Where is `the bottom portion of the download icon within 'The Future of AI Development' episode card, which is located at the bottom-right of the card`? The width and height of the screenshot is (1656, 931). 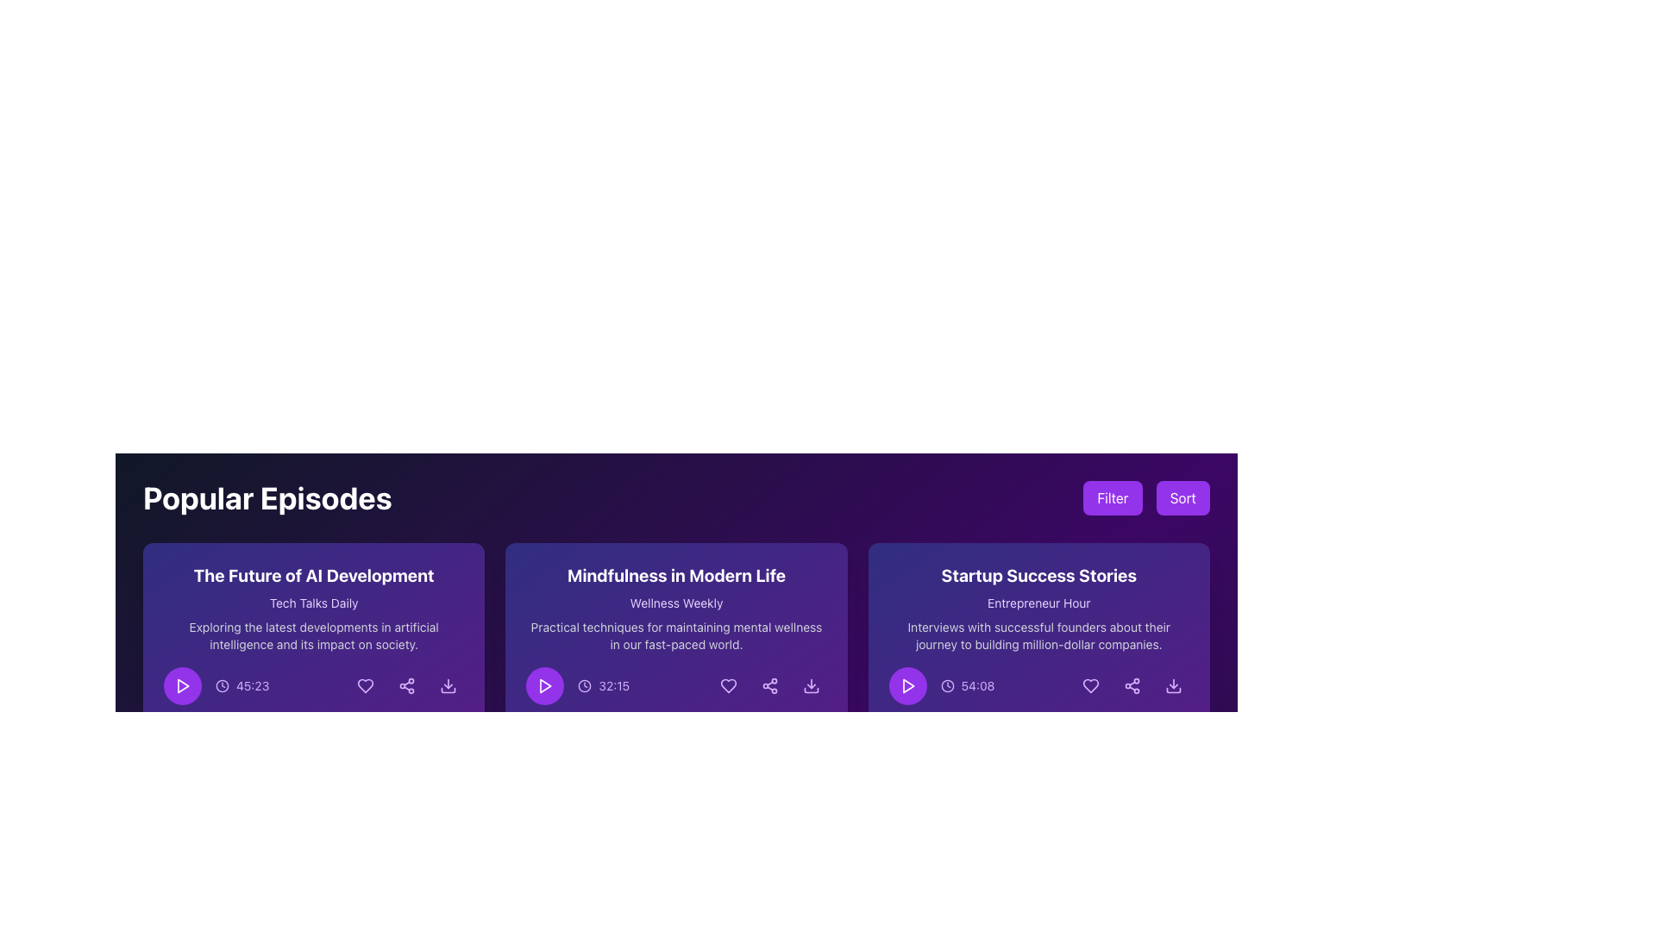
the bottom portion of the download icon within 'The Future of AI Development' episode card, which is located at the bottom-right of the card is located at coordinates (448, 690).